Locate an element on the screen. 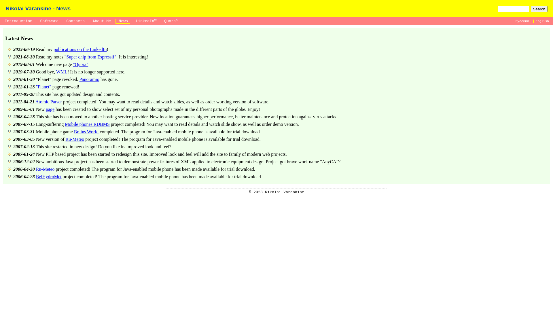  '"Planet"' is located at coordinates (35, 87).